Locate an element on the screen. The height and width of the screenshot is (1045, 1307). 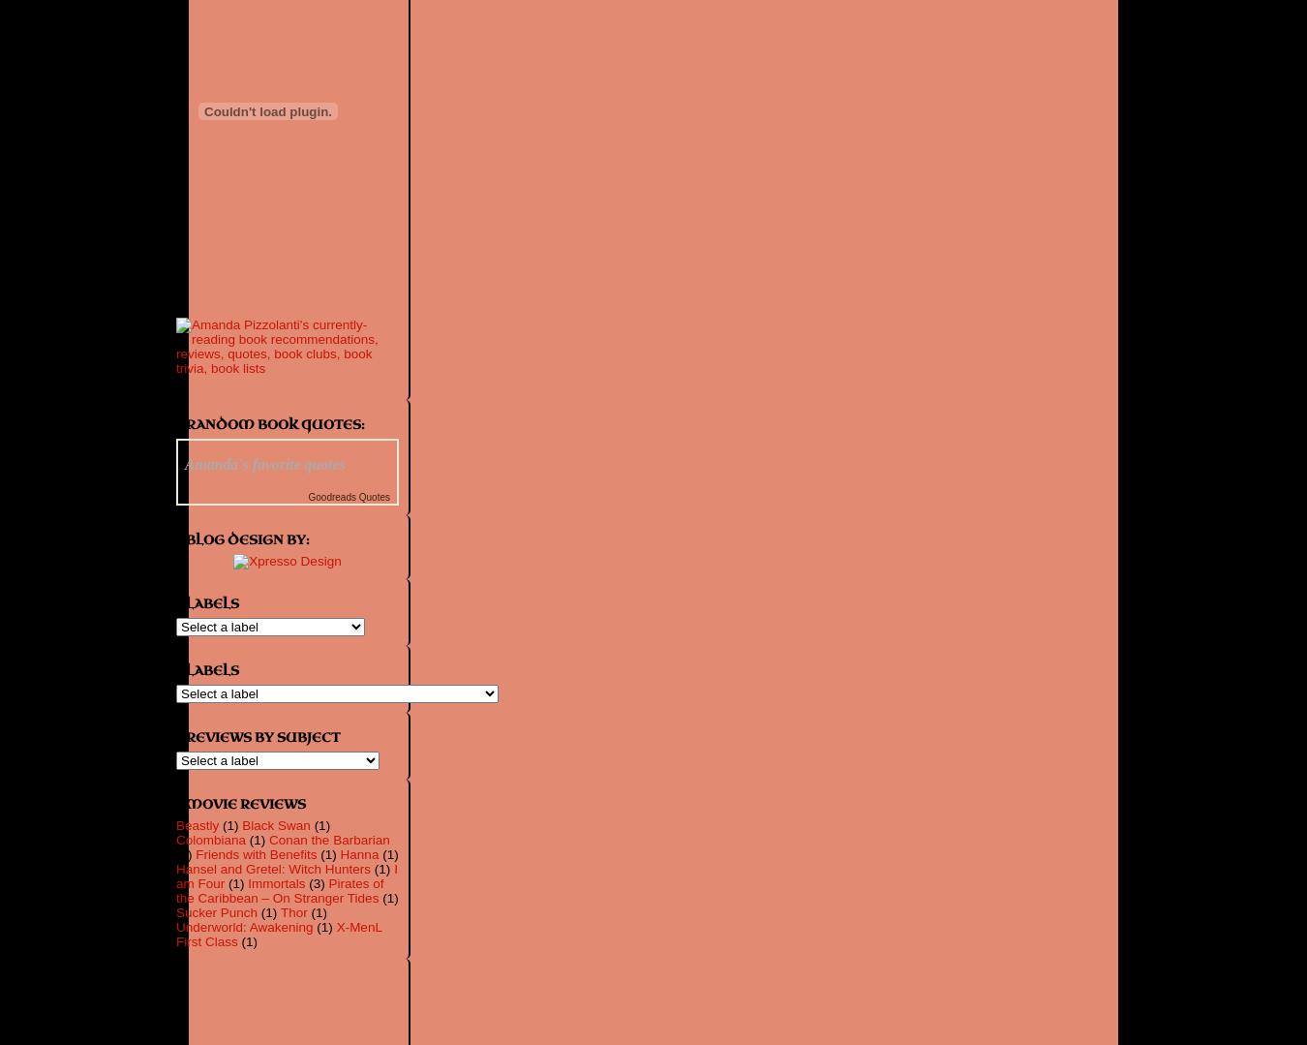
'Immortals' is located at coordinates (275, 882).